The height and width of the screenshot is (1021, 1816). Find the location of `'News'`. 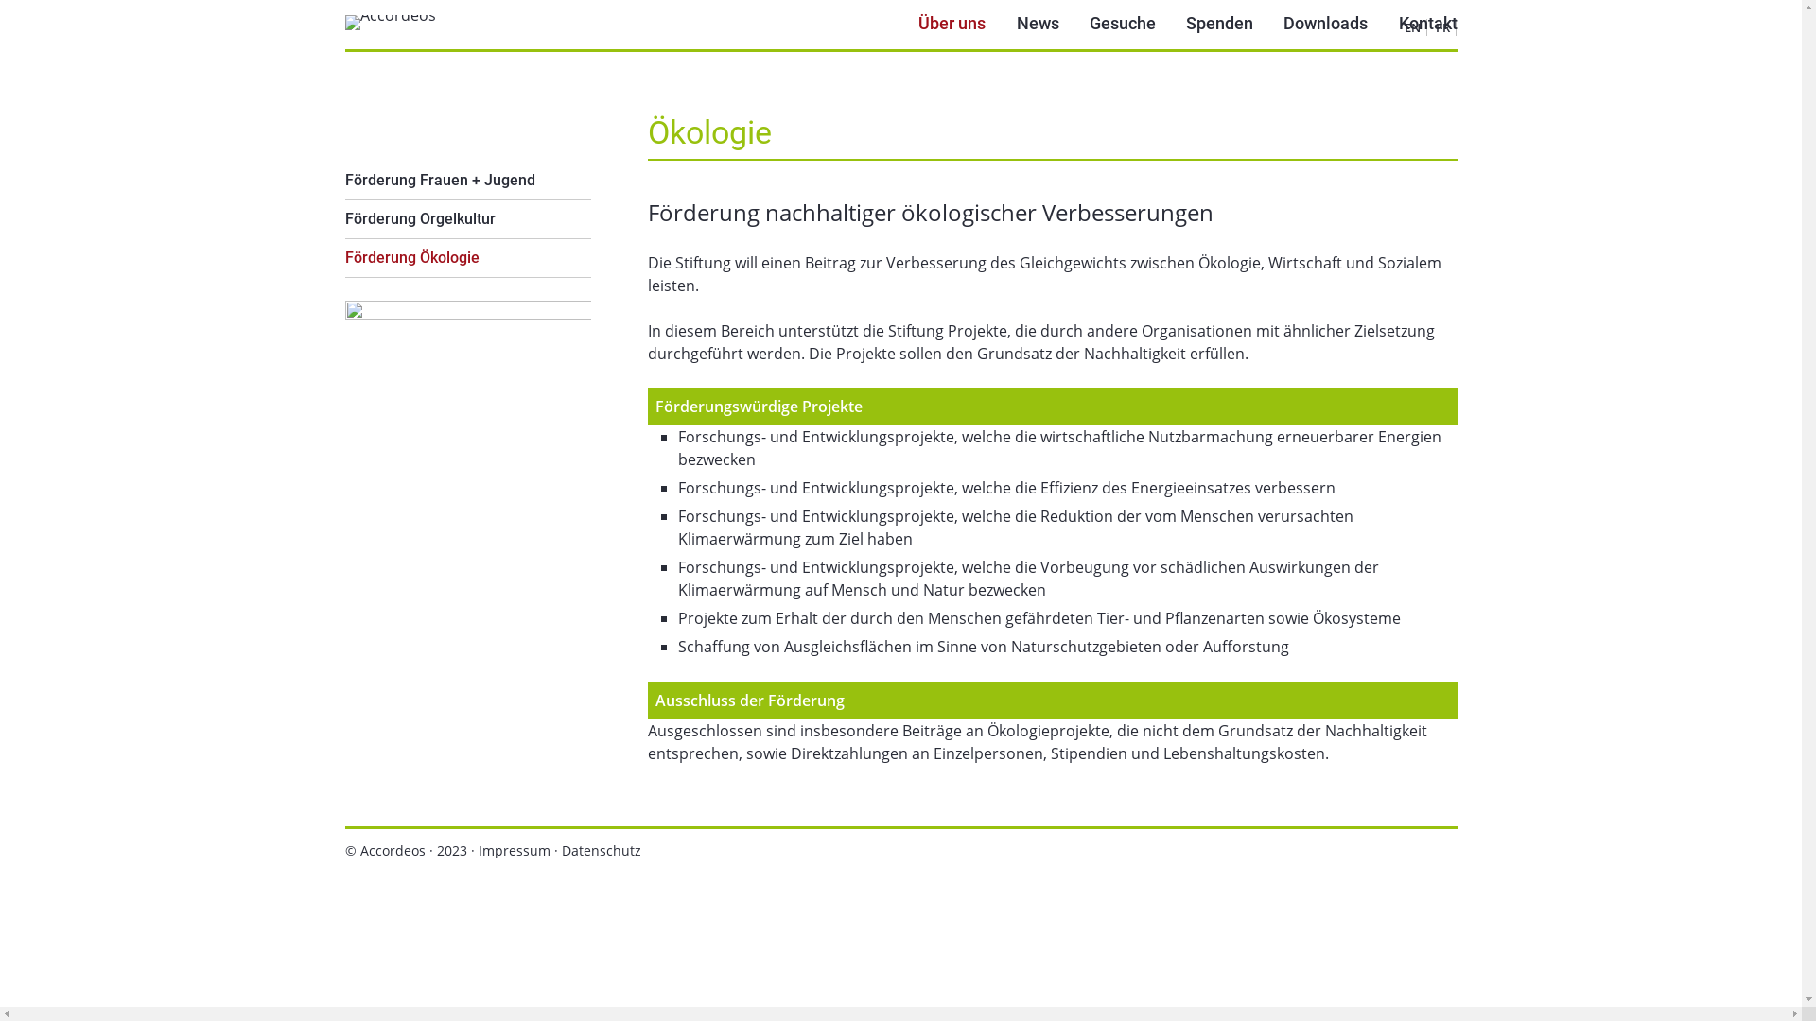

'News' is located at coordinates (1036, 25).